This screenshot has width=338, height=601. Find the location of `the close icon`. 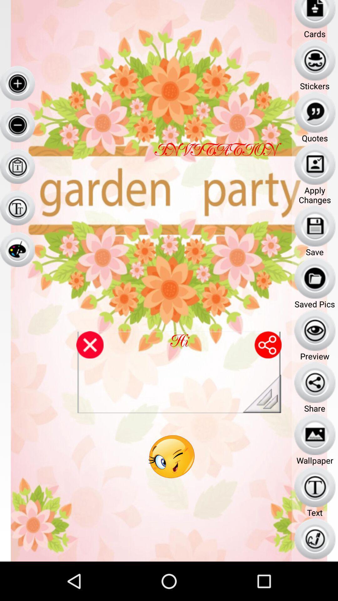

the close icon is located at coordinates (90, 369).